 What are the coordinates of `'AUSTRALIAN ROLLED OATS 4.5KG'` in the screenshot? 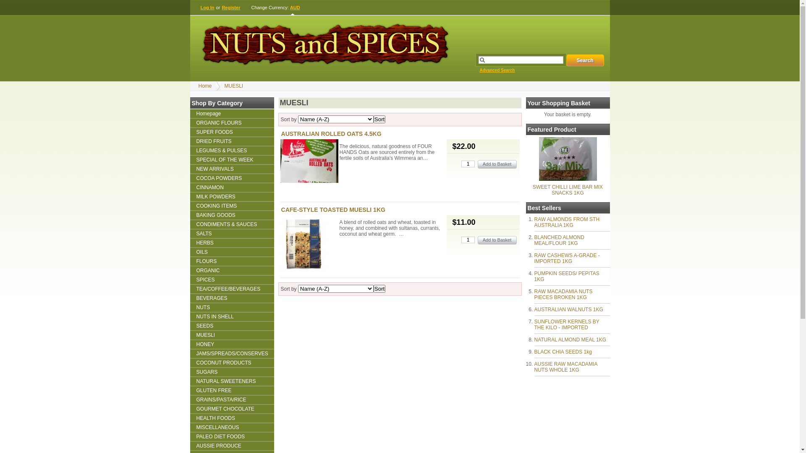 It's located at (281, 133).